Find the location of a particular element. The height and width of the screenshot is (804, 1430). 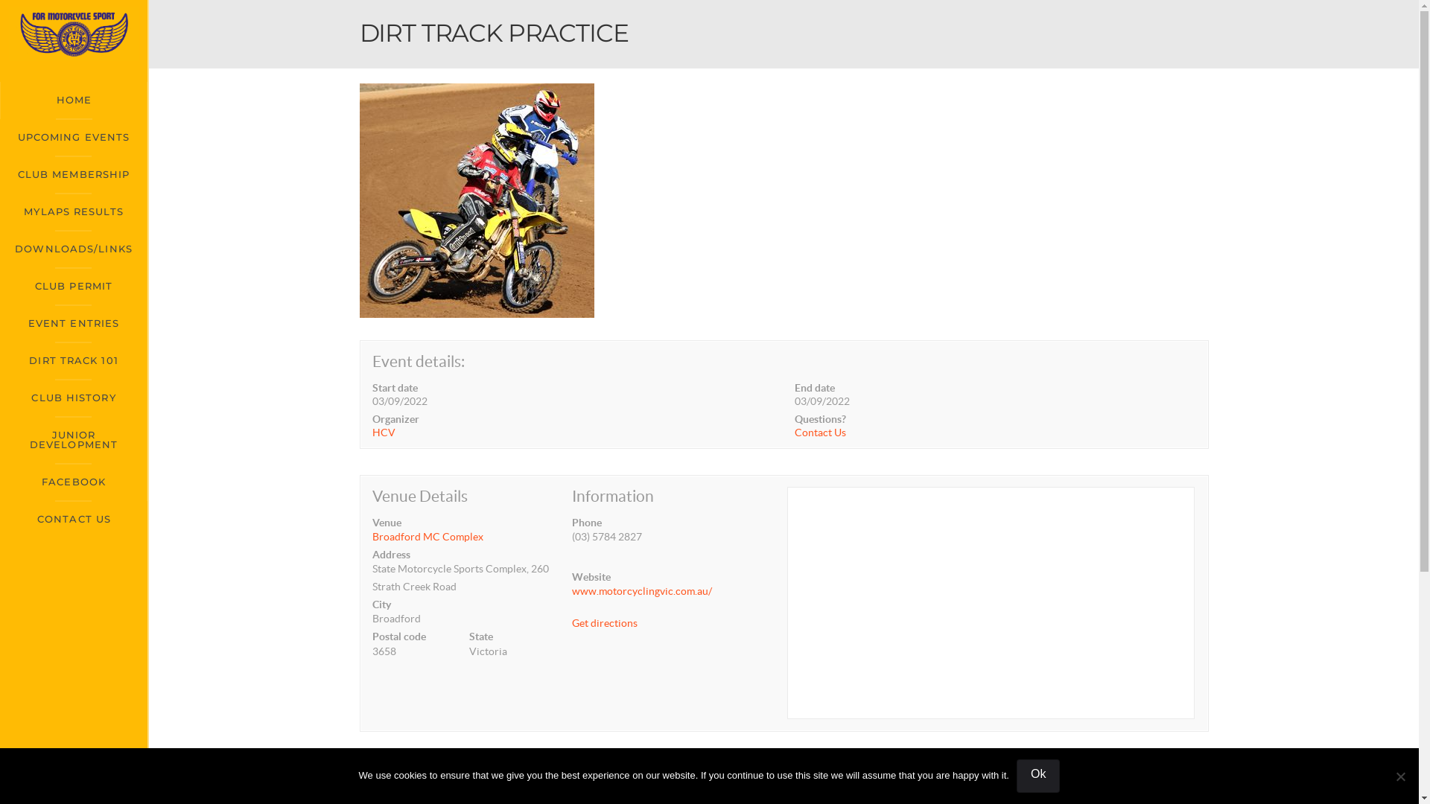

'CLUB MEMBERSHIP' is located at coordinates (73, 174).